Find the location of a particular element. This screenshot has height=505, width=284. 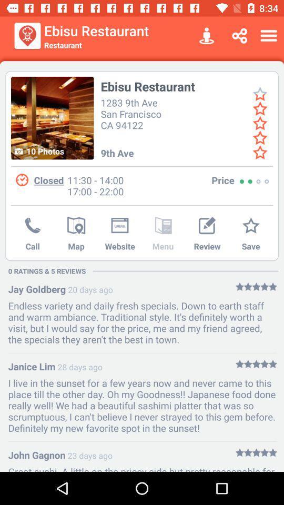

the icon next to the ebisu restaurant is located at coordinates (207, 36).